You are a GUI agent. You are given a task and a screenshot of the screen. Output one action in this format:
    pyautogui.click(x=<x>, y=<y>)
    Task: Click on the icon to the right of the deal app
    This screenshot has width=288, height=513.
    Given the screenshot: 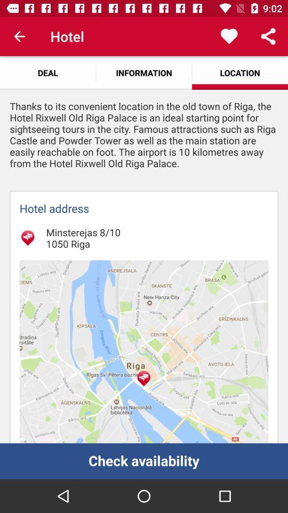 What is the action you would take?
    pyautogui.click(x=144, y=72)
    